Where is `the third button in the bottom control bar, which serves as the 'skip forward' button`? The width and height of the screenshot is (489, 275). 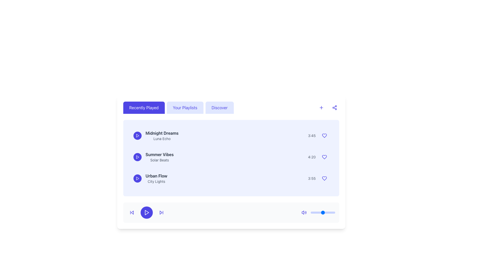 the third button in the bottom control bar, which serves as the 'skip forward' button is located at coordinates (161, 212).